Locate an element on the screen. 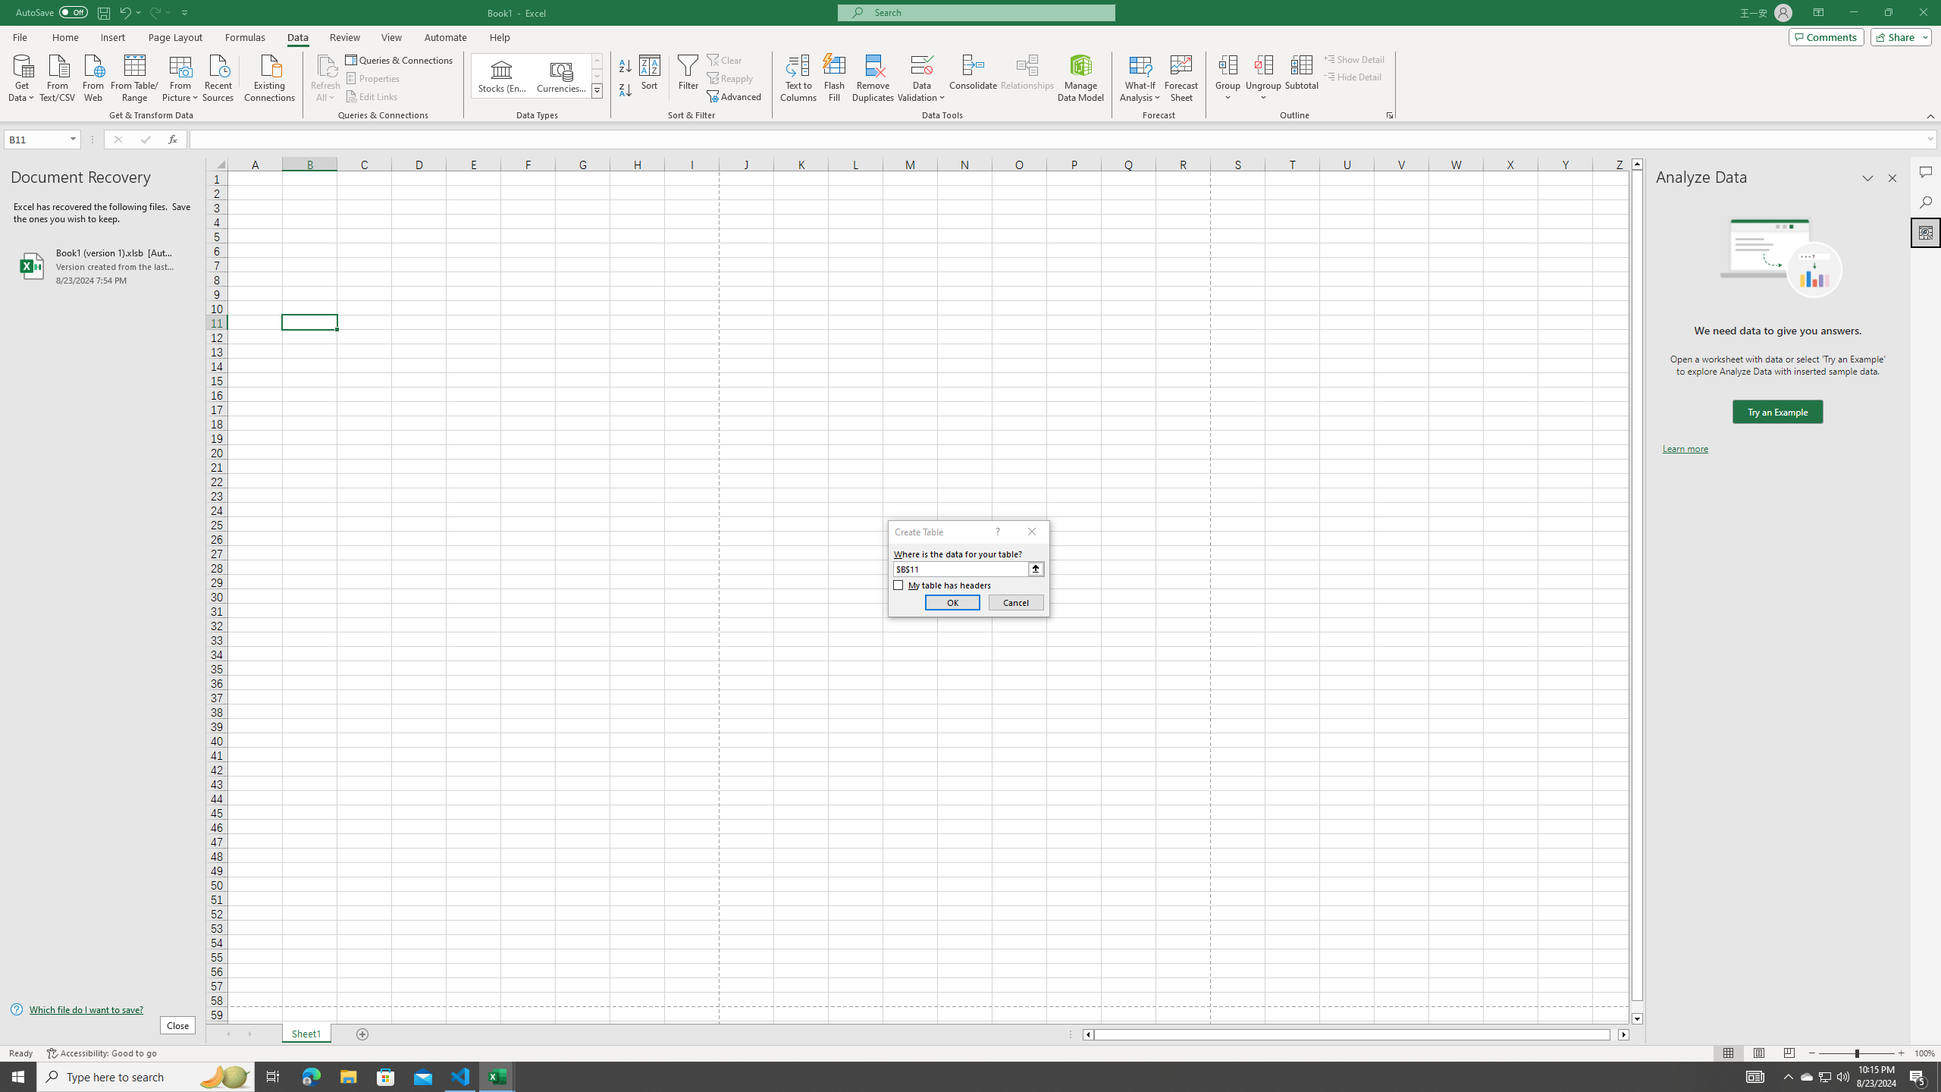  'Existing Connections' is located at coordinates (268, 76).